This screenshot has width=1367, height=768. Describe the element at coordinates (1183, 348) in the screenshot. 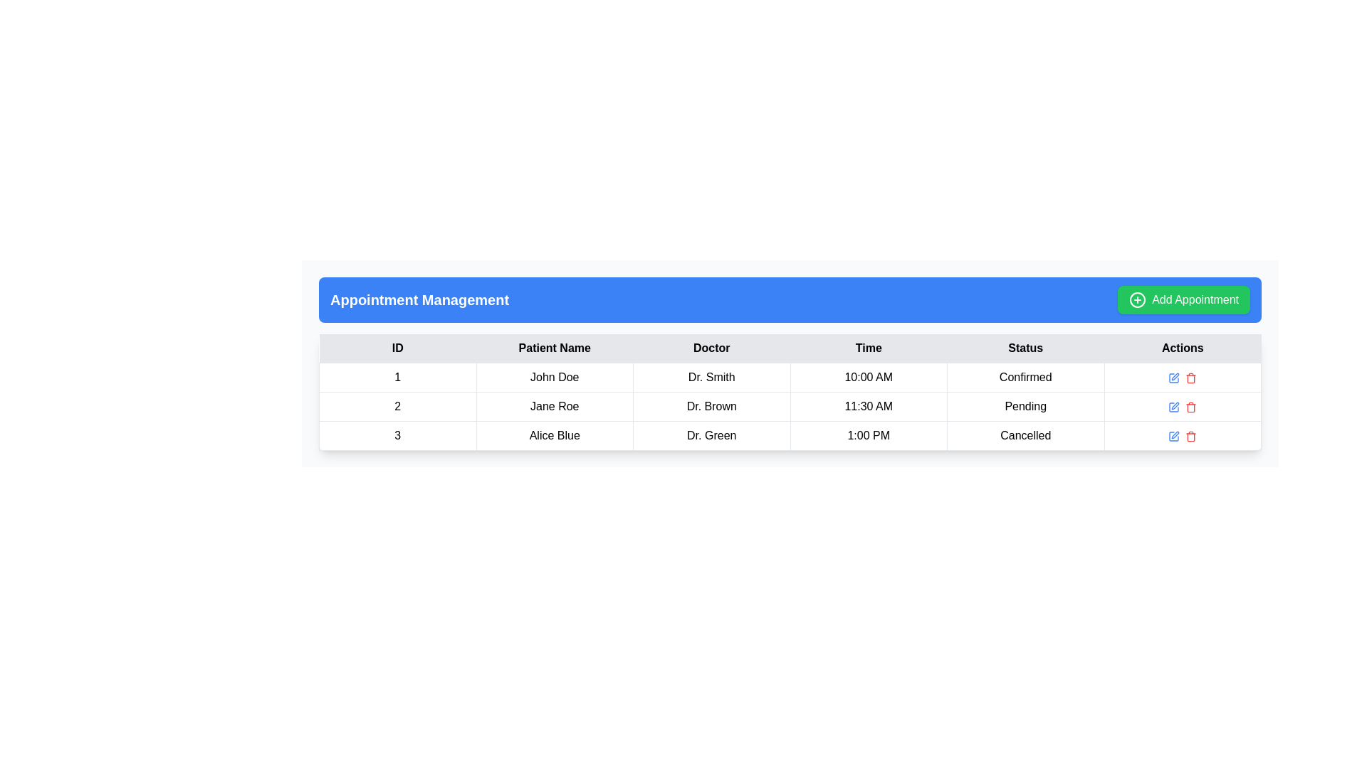

I see `the 'Actions' column header in the data table, which is the last column header positioned to the far right following the 'Status' column` at that location.